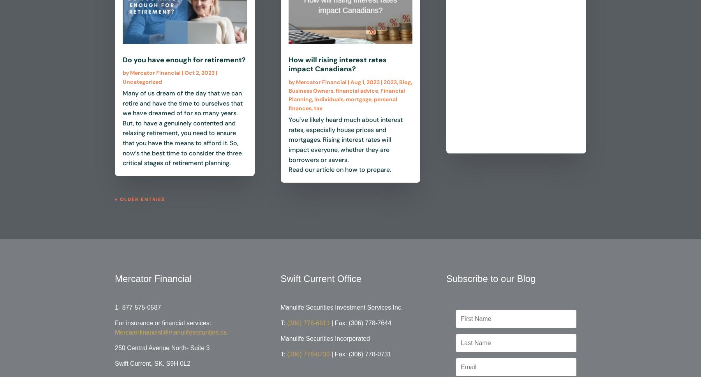  What do you see at coordinates (446, 278) in the screenshot?
I see `'Subscribe to our Blog'` at bounding box center [446, 278].